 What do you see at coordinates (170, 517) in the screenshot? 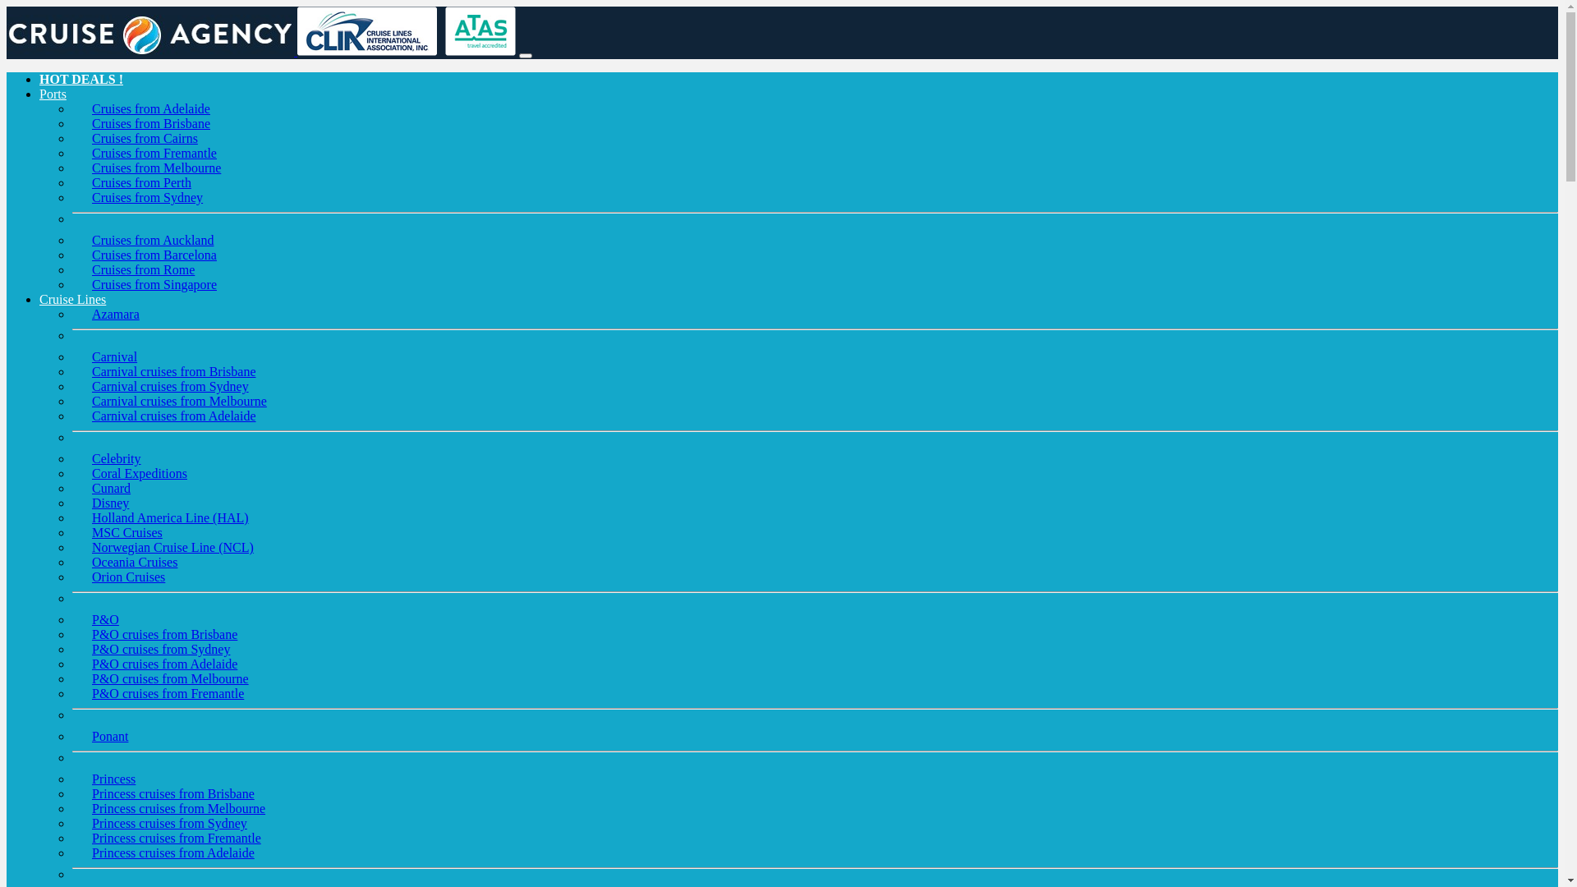
I see `'Holland America Line (HAL)'` at bounding box center [170, 517].